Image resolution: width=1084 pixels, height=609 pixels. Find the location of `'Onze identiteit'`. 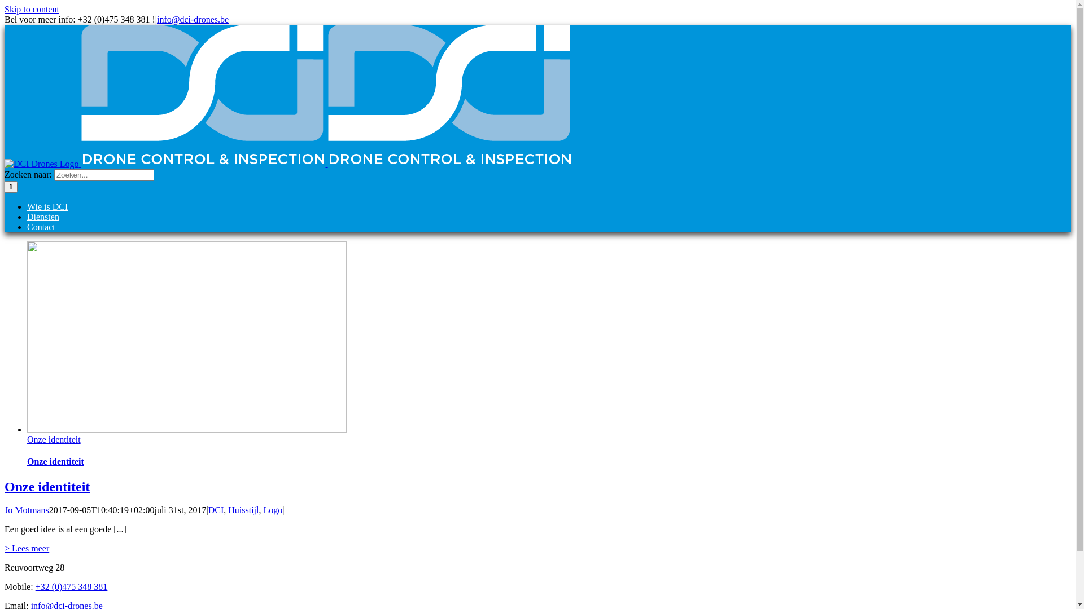

'Onze identiteit' is located at coordinates (55, 461).